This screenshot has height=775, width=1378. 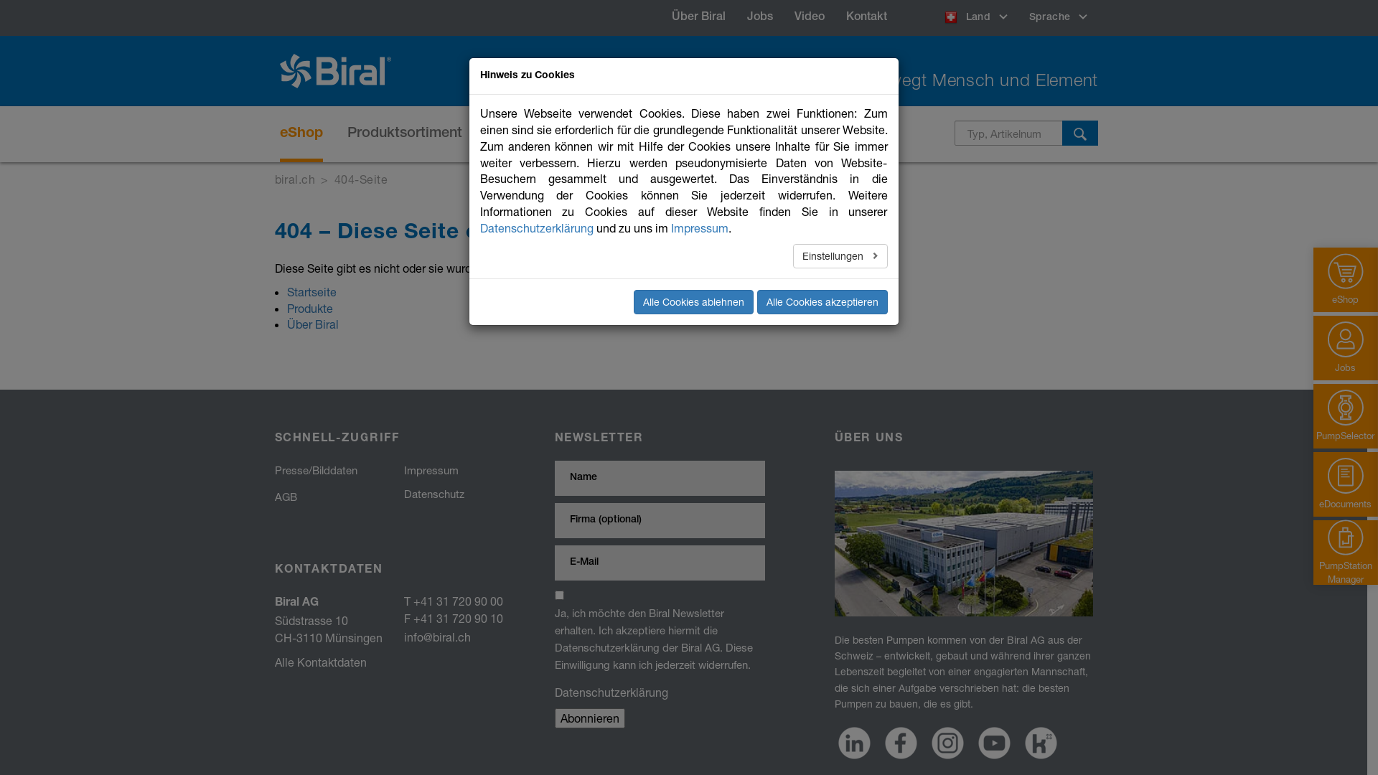 What do you see at coordinates (340, 71) in the screenshot?
I see `'Biral'` at bounding box center [340, 71].